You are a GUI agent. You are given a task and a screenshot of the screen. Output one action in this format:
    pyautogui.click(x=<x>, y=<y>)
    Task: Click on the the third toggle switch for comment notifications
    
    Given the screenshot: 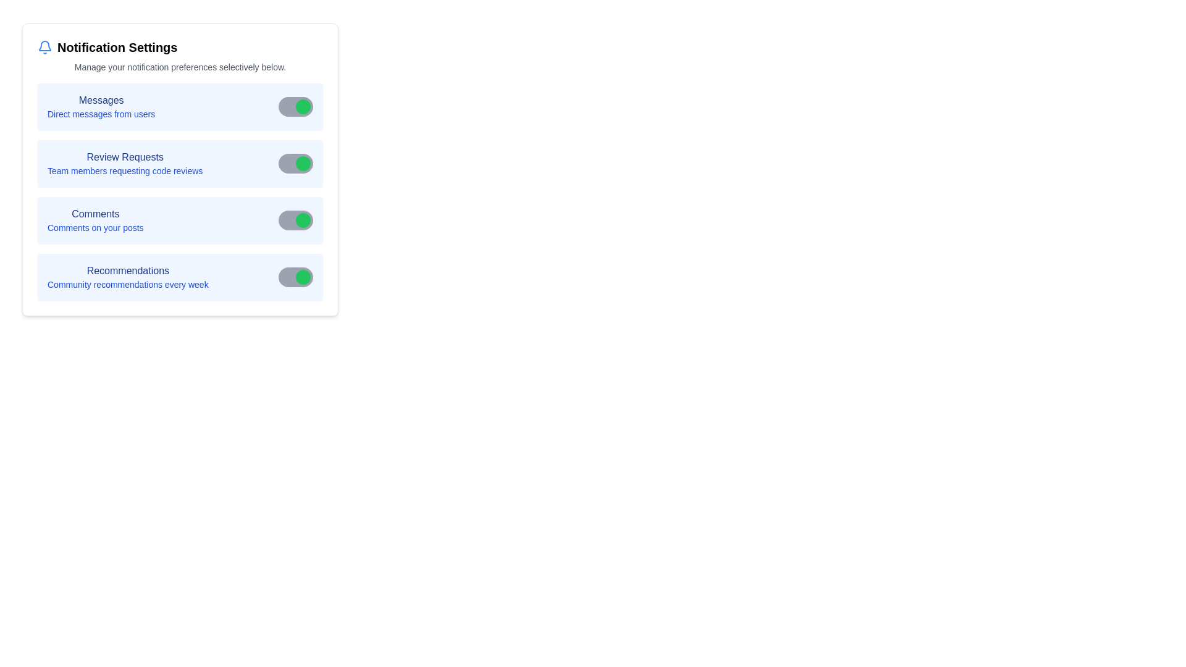 What is the action you would take?
    pyautogui.click(x=295, y=220)
    